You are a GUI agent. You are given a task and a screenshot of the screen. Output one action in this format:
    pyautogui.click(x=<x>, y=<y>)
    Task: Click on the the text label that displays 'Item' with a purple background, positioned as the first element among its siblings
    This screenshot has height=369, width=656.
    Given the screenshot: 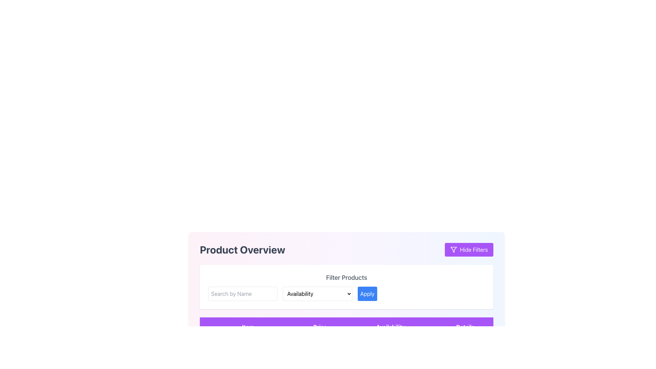 What is the action you would take?
    pyautogui.click(x=247, y=326)
    